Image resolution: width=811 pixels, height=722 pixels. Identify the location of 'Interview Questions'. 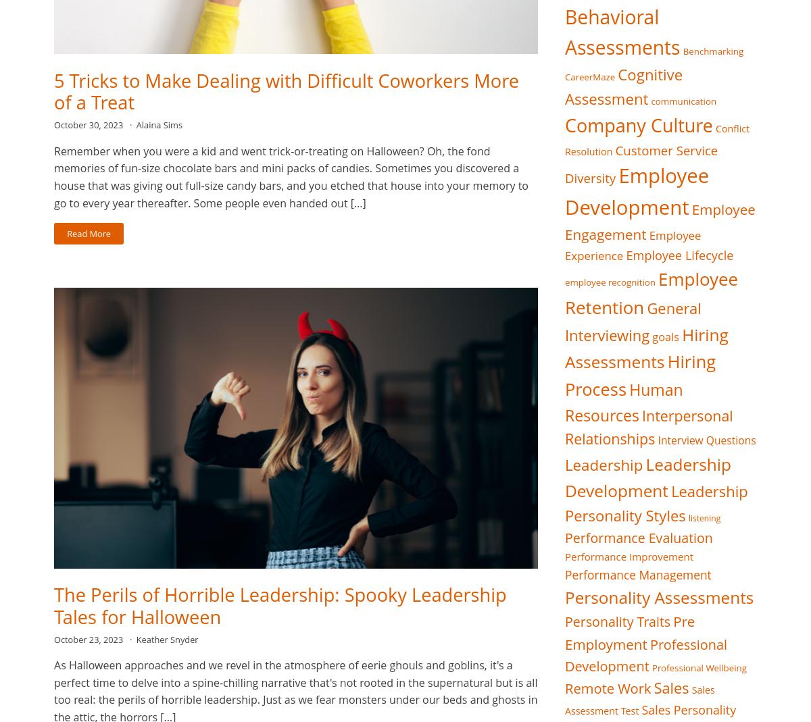
(706, 439).